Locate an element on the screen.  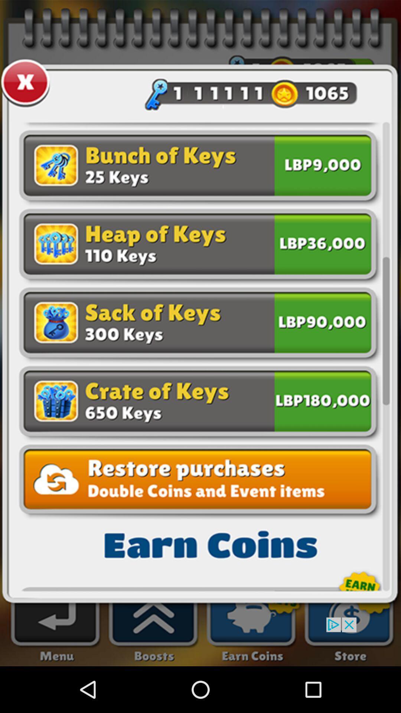
check bix on right is located at coordinates (322, 242).